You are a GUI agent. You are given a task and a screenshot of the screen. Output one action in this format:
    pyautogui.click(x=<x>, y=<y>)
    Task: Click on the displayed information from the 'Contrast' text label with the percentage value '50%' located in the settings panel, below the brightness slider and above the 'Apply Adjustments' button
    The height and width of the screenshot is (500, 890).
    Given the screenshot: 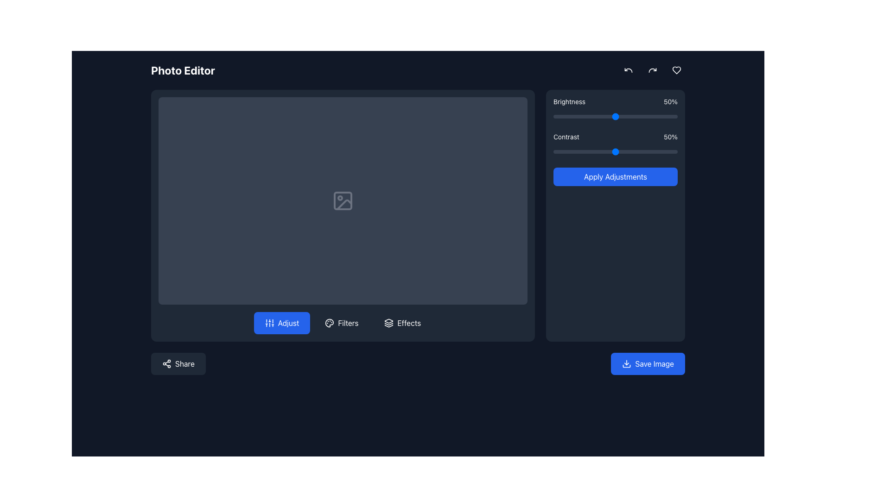 What is the action you would take?
    pyautogui.click(x=616, y=137)
    